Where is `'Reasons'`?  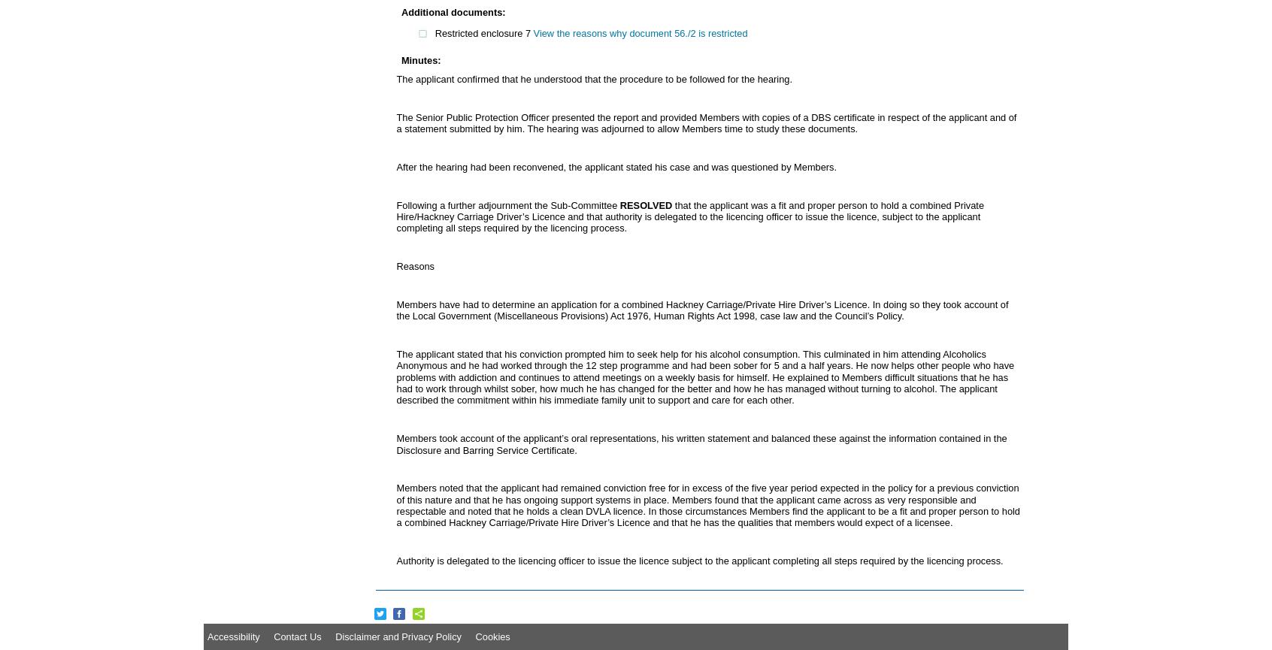
'Reasons' is located at coordinates (415, 266).